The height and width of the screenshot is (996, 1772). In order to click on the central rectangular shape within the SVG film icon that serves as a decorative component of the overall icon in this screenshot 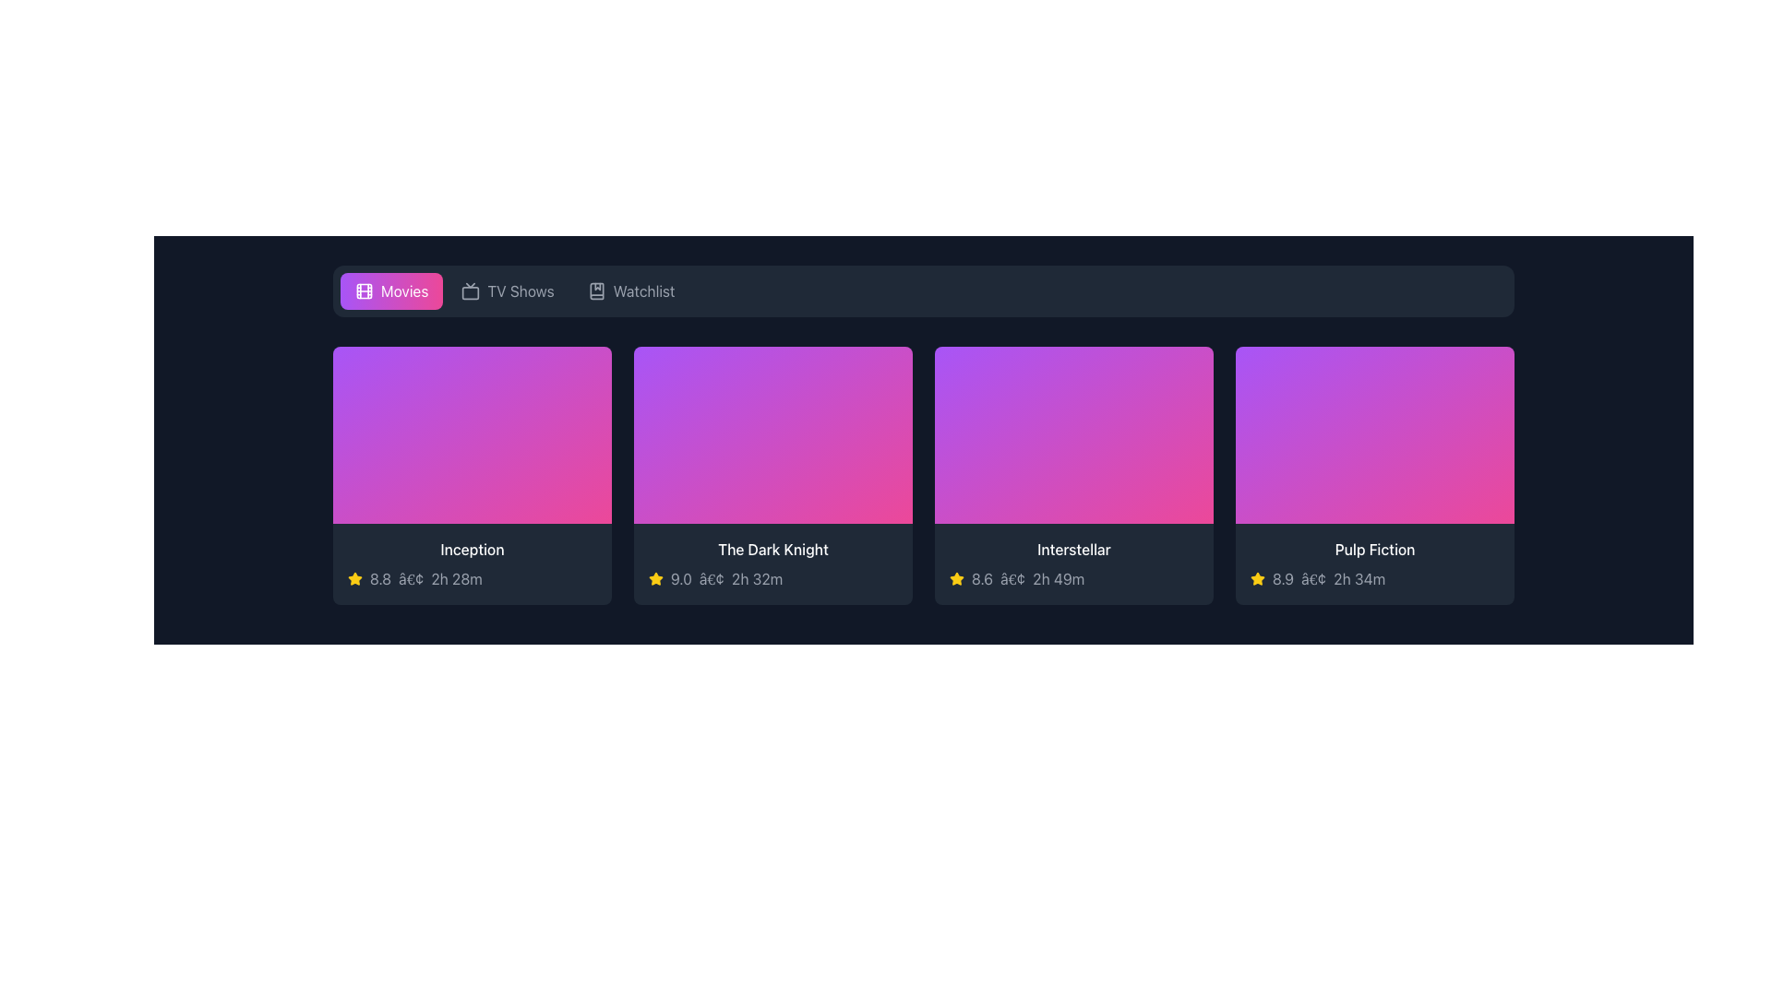, I will do `click(364, 290)`.